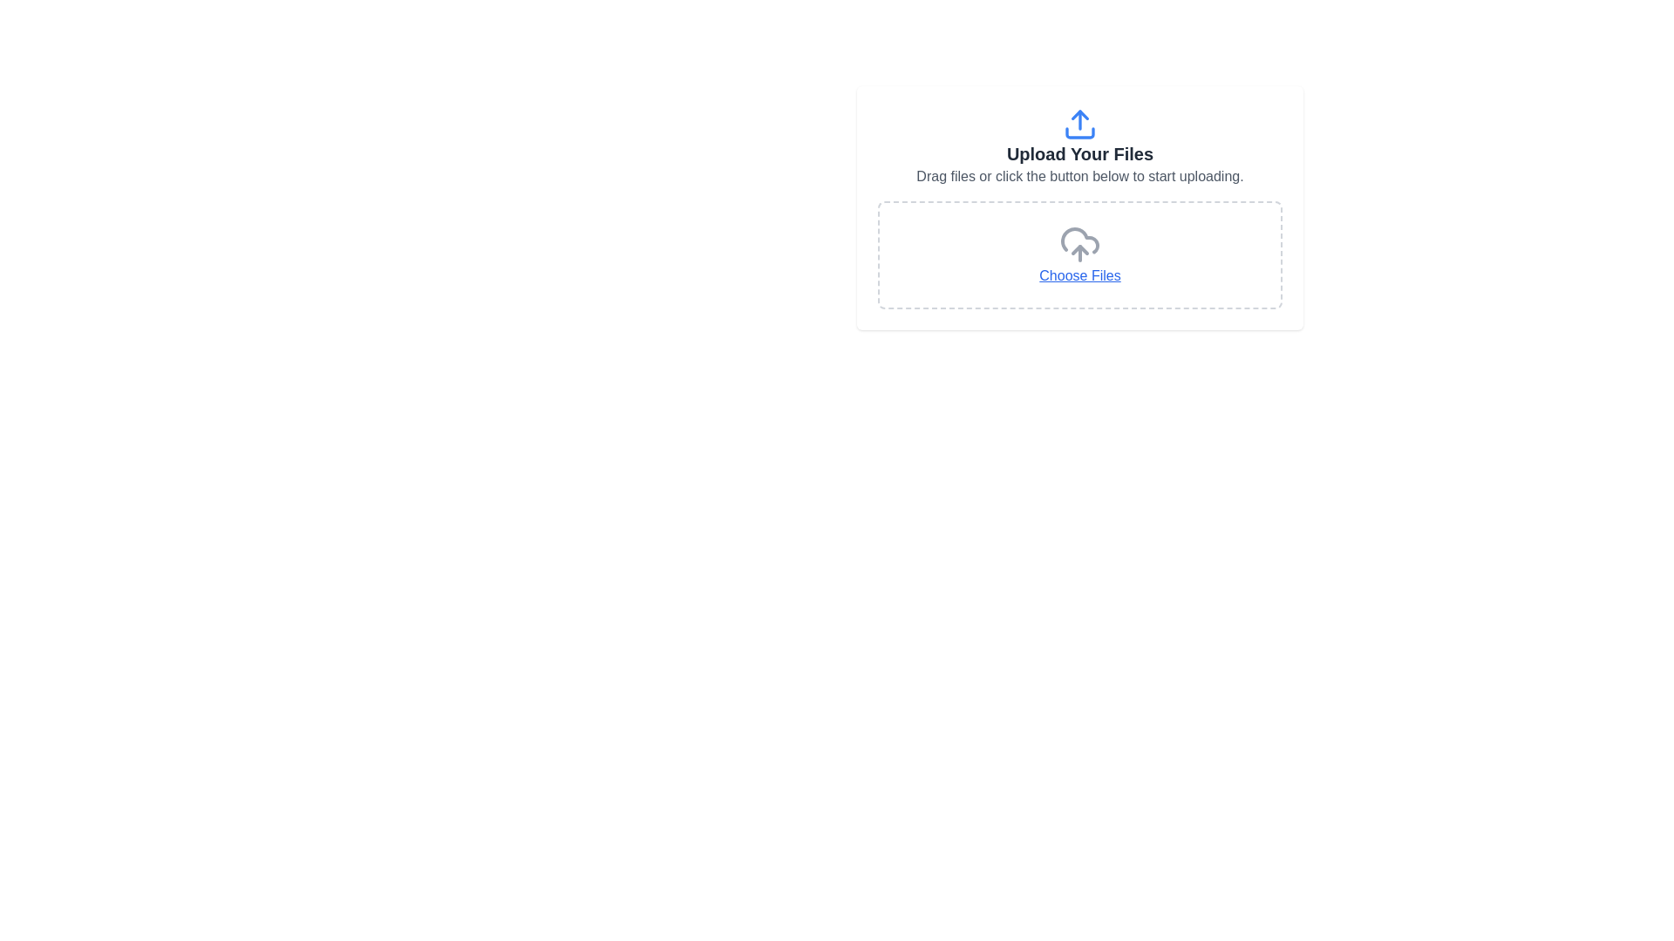 This screenshot has height=941, width=1674. Describe the element at coordinates (1079, 123) in the screenshot. I see `the upward arrow icon styled in light blue` at that location.